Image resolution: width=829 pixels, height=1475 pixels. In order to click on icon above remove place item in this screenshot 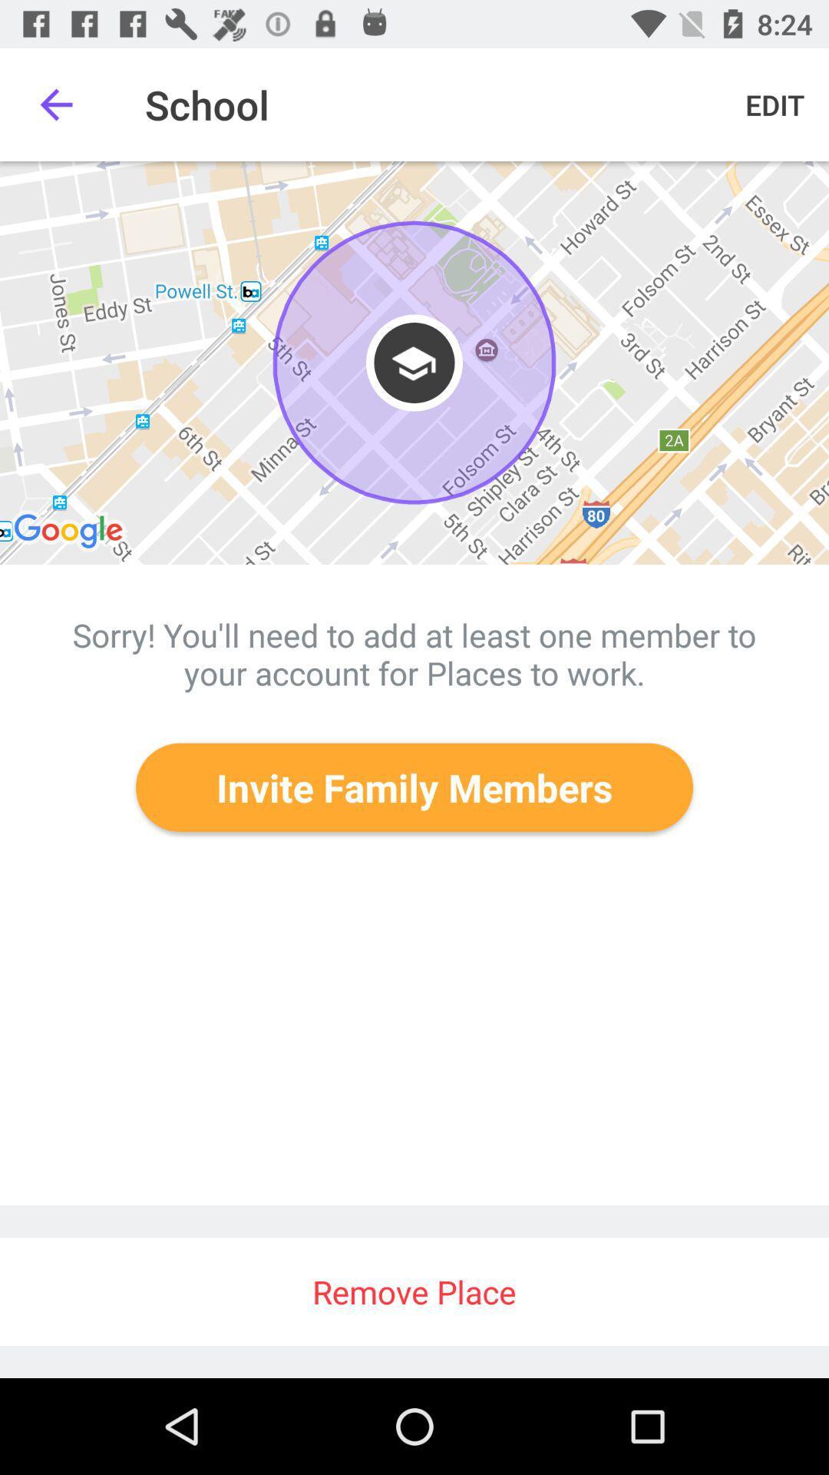, I will do `click(414, 787)`.